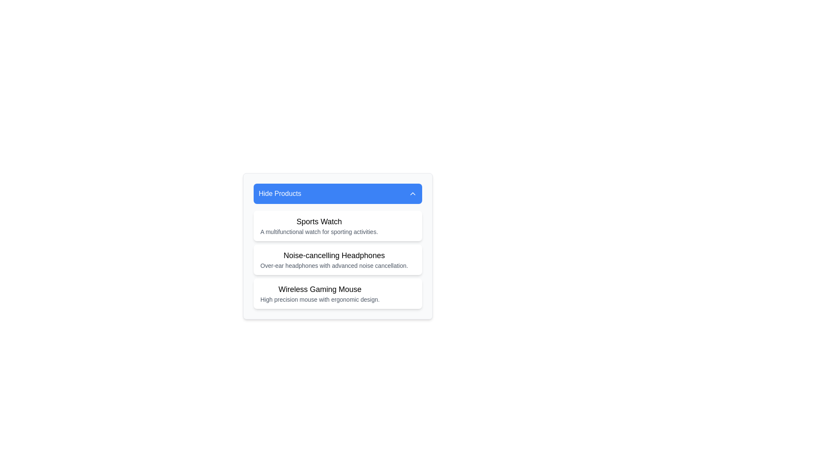  What do you see at coordinates (337, 259) in the screenshot?
I see `an individual card in the vertically arranged list of interactive cards below the 'Hide Products' header` at bounding box center [337, 259].